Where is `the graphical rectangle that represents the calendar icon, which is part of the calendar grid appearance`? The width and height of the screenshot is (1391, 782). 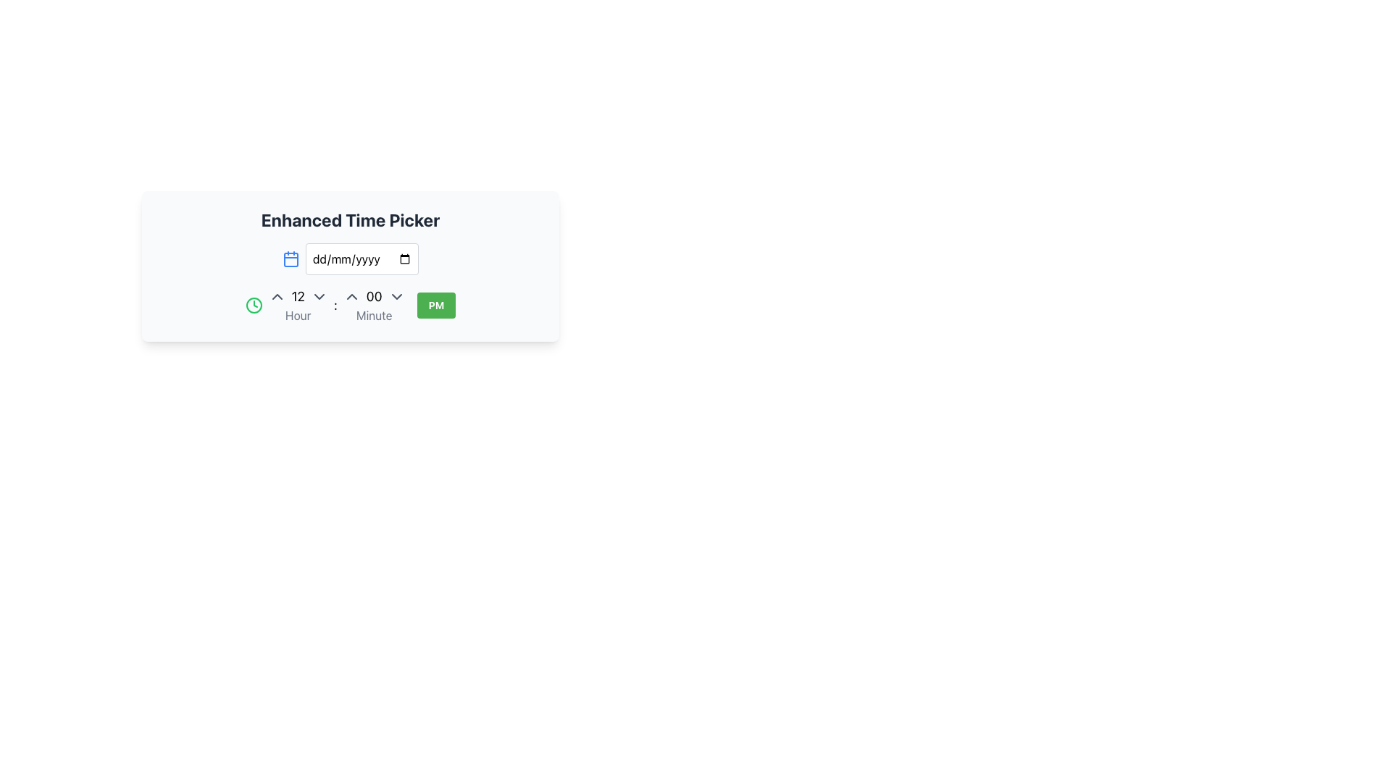 the graphical rectangle that represents the calendar icon, which is part of the calendar grid appearance is located at coordinates (291, 258).